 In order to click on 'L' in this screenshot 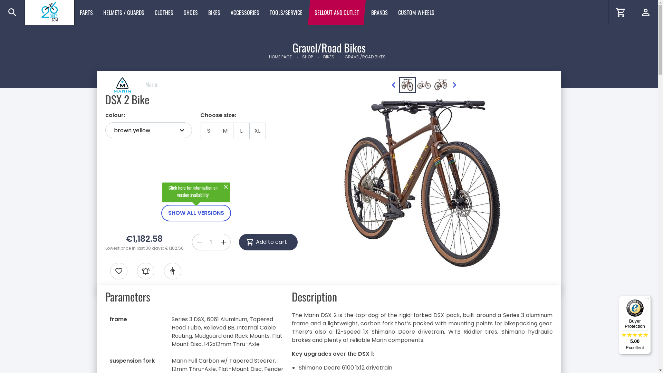, I will do `click(241, 131)`.